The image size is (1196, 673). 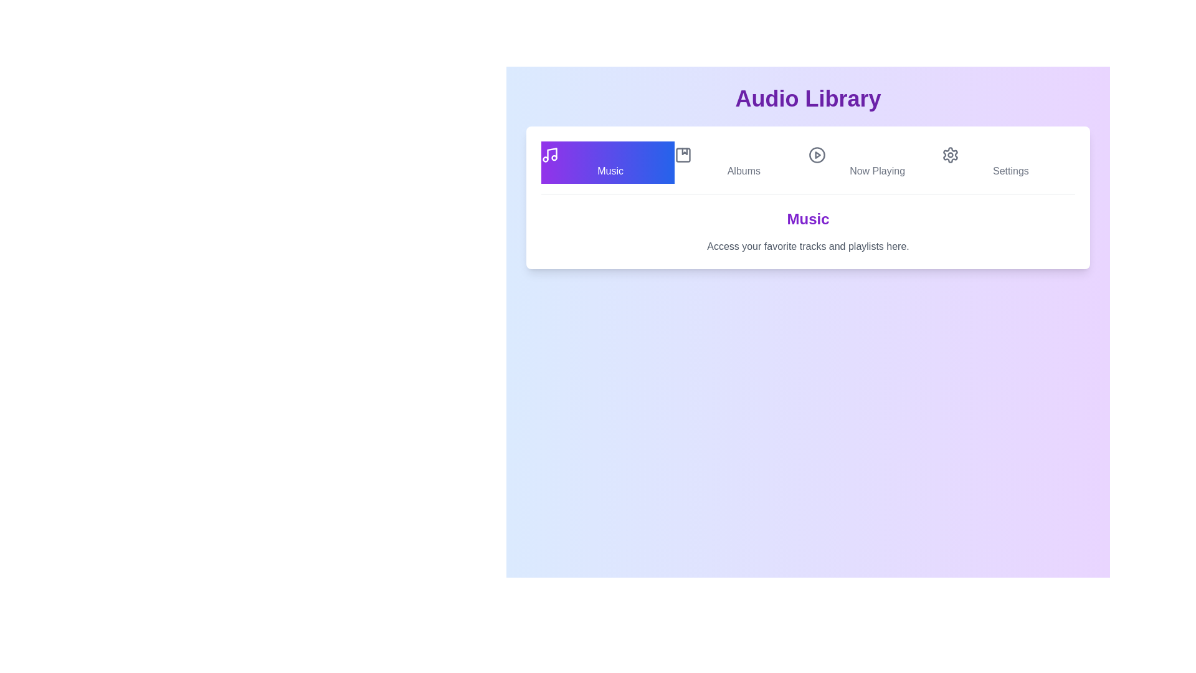 What do you see at coordinates (949, 155) in the screenshot?
I see `the gear-shaped settings icon located` at bounding box center [949, 155].